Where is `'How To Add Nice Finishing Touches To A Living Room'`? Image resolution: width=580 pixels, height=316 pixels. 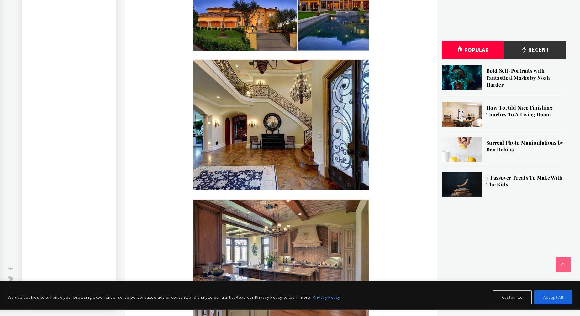
'How To Add Nice Finishing Touches To A Living Room' is located at coordinates (486, 110).